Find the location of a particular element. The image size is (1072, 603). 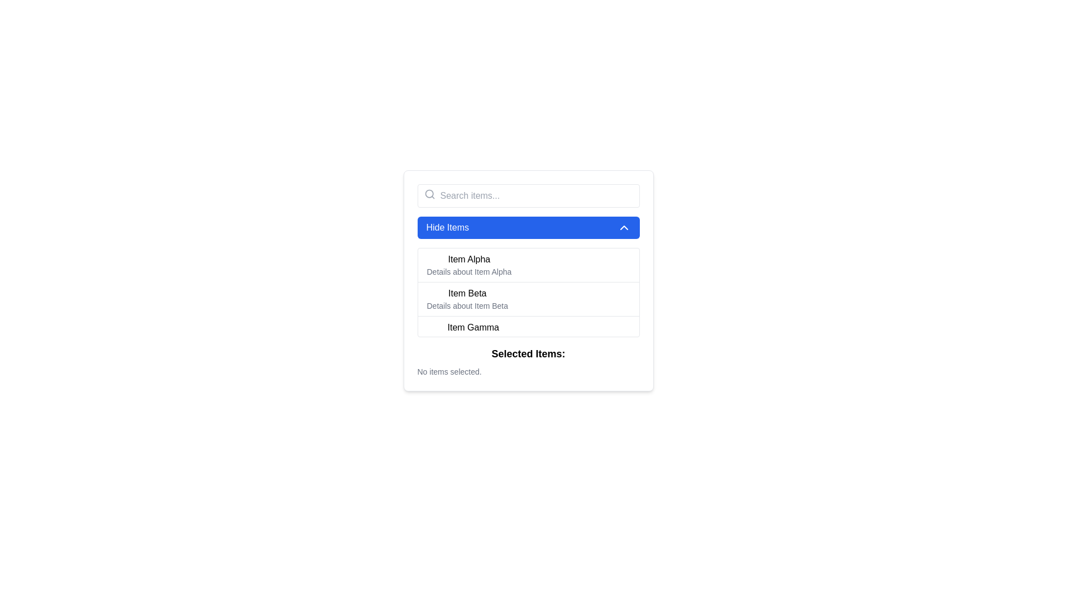

the first list item displaying detailed information about 'Item Alpha' to trigger its hover state is located at coordinates (528, 265).